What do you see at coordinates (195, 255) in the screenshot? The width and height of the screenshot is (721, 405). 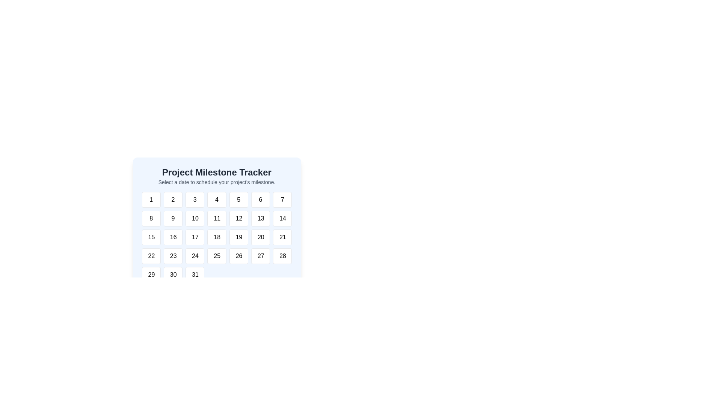 I see `the small button displaying the number '24' located in the fourth row and third column of the calendar grid` at bounding box center [195, 255].